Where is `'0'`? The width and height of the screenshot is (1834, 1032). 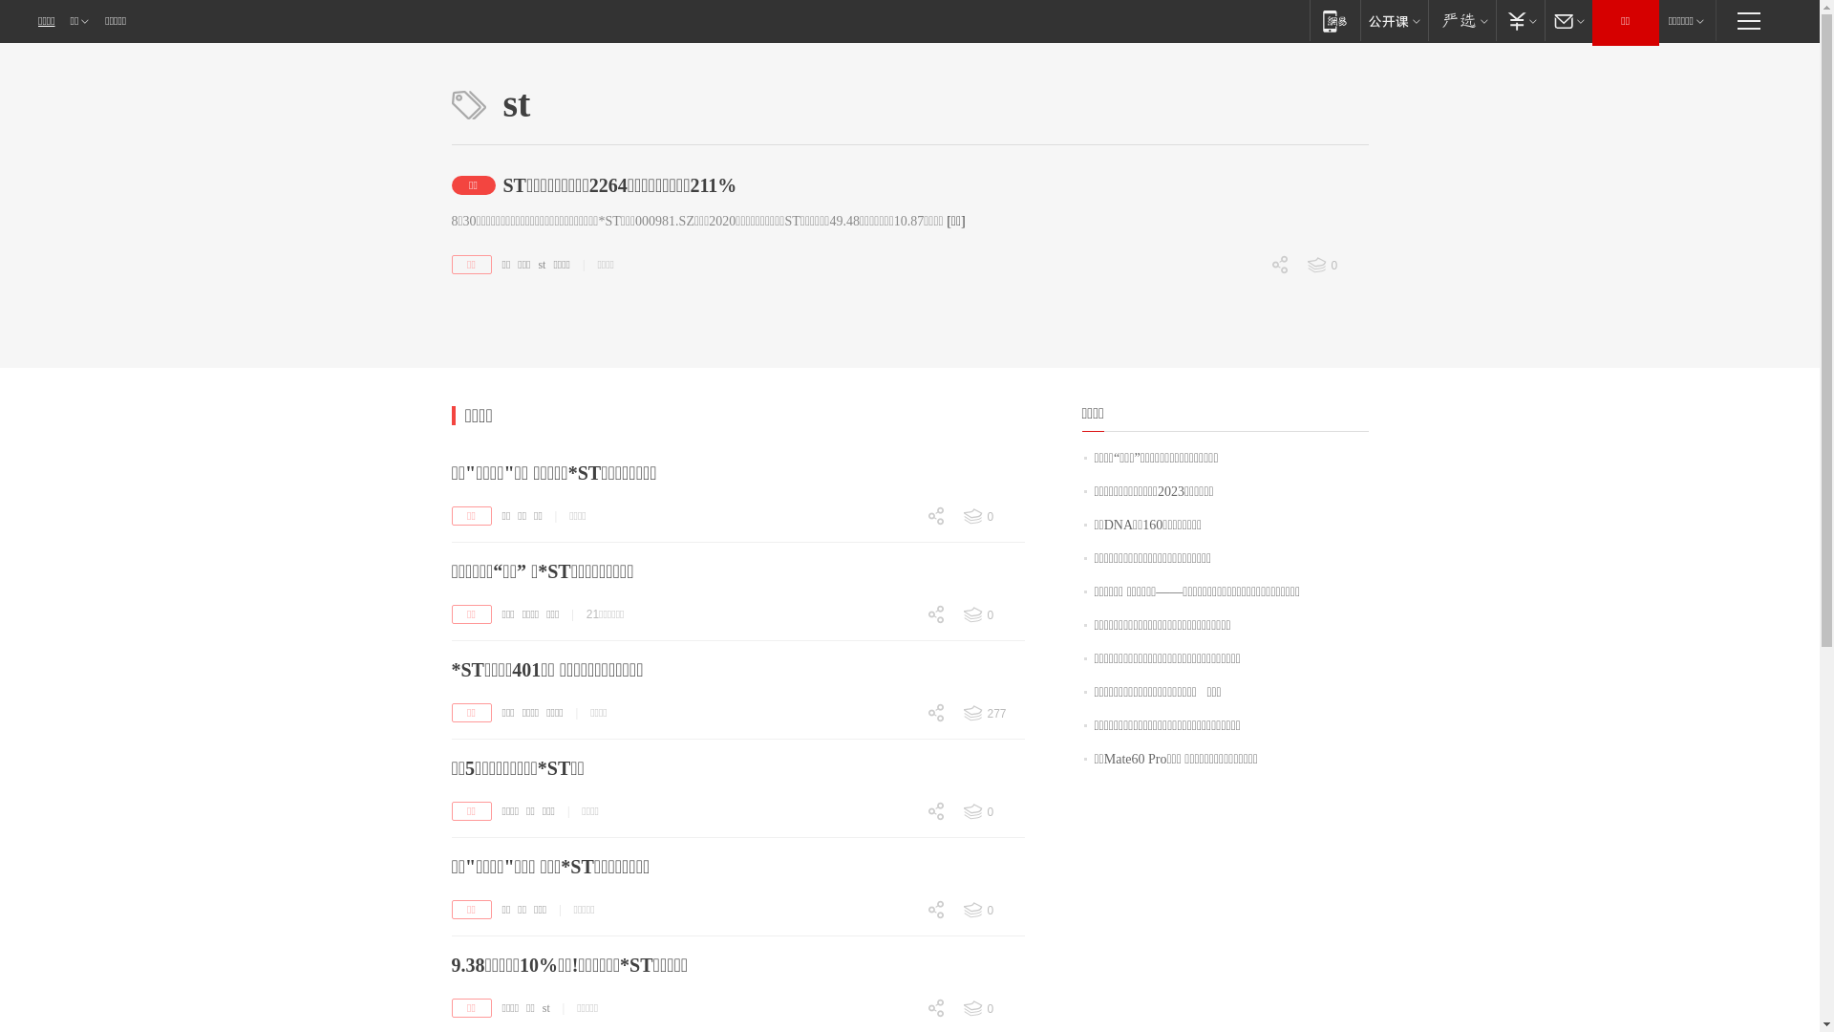 '0' is located at coordinates (992, 811).